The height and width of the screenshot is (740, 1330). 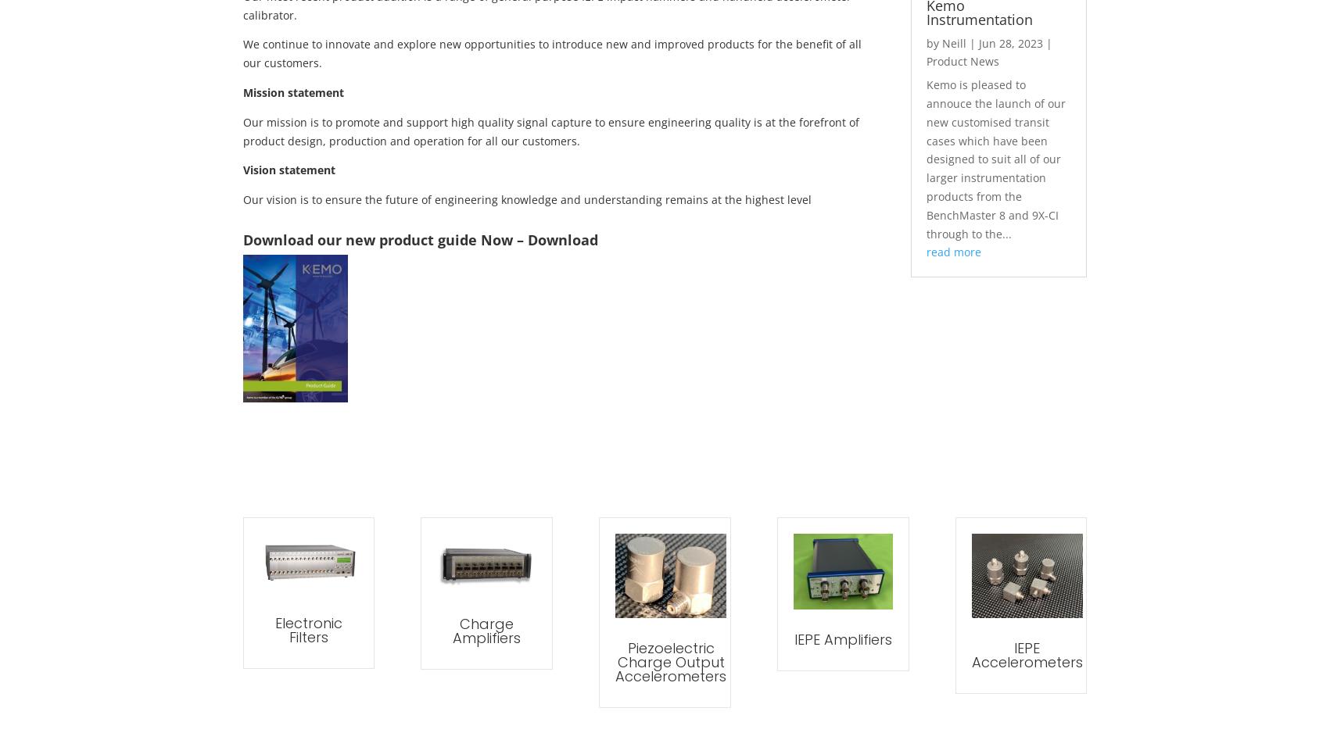 I want to click on 'Download our new product guide Now –', so click(x=384, y=238).